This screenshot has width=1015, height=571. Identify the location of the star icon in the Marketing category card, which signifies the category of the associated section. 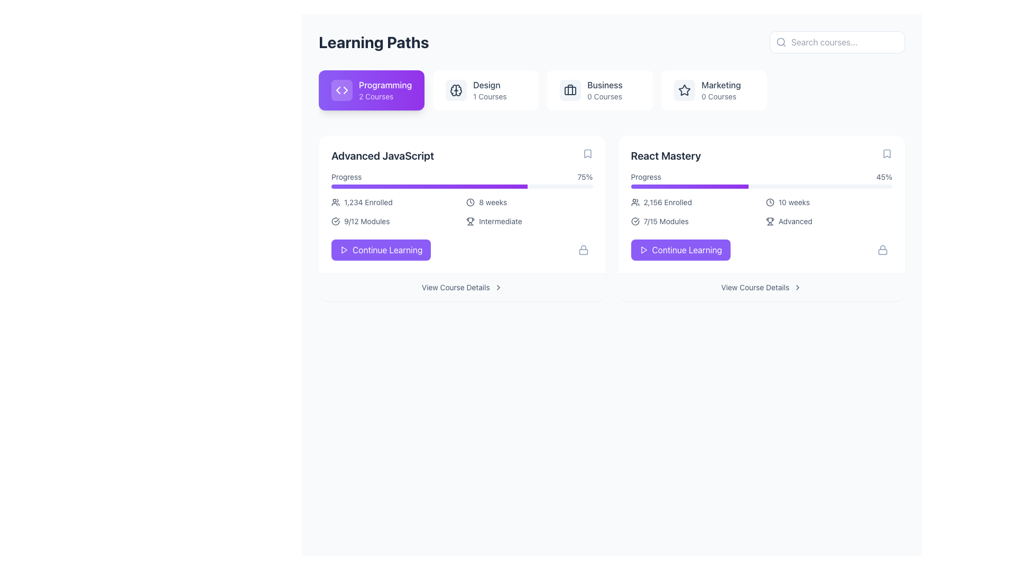
(685, 89).